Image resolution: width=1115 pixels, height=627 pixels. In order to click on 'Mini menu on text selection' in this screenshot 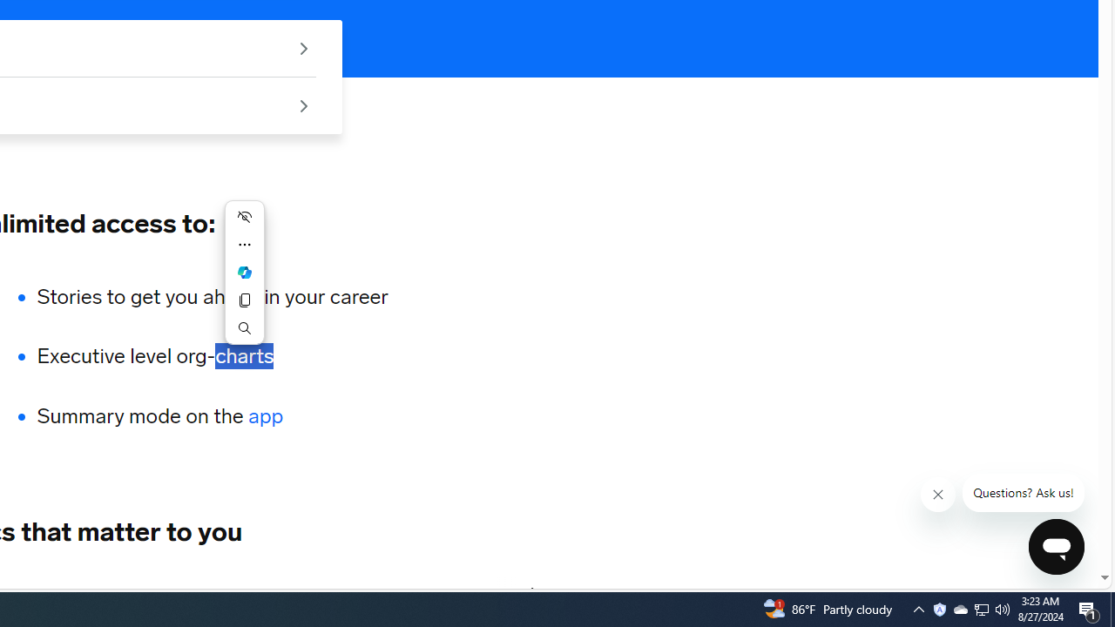, I will do `click(243, 282)`.